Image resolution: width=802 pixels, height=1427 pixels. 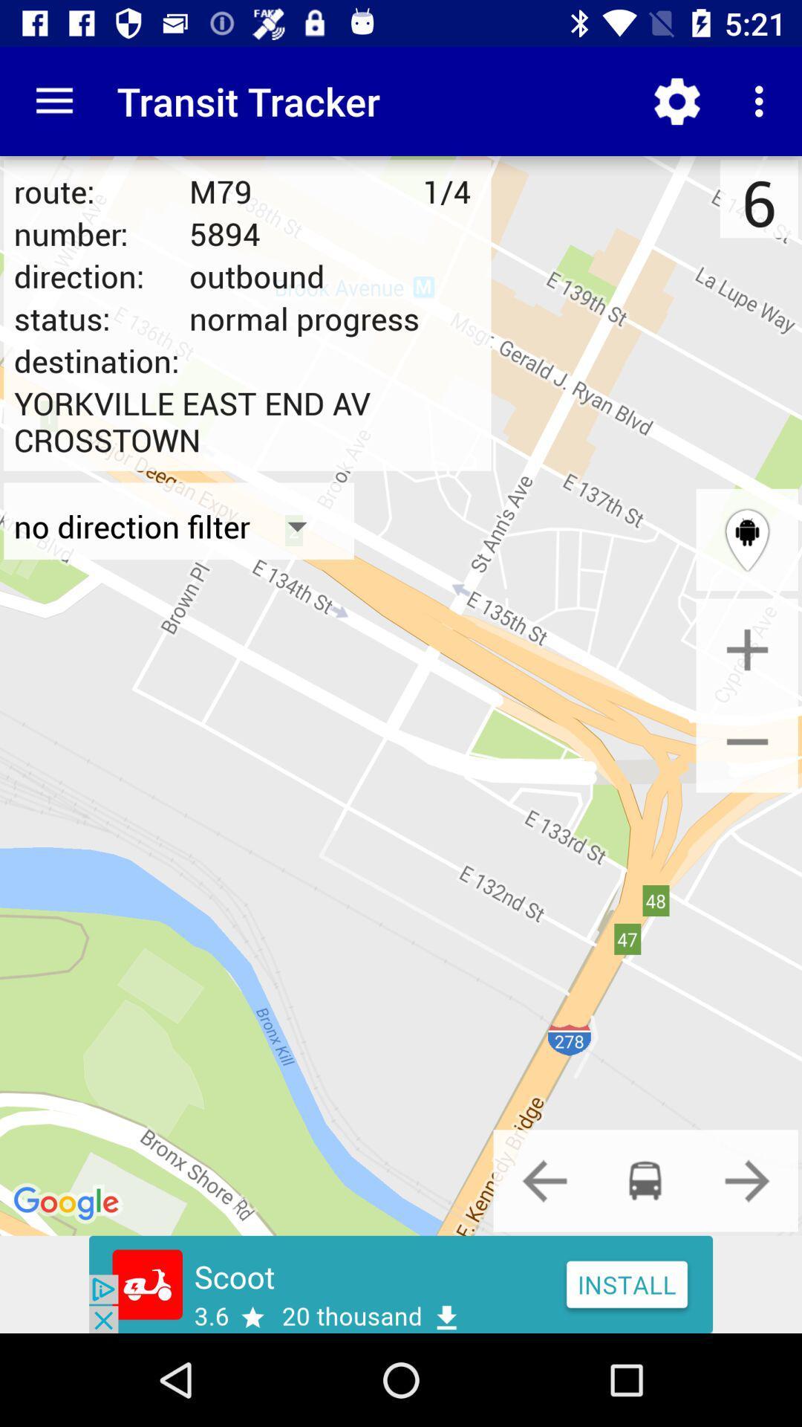 I want to click on the arrow_forward icon, so click(x=747, y=1180).